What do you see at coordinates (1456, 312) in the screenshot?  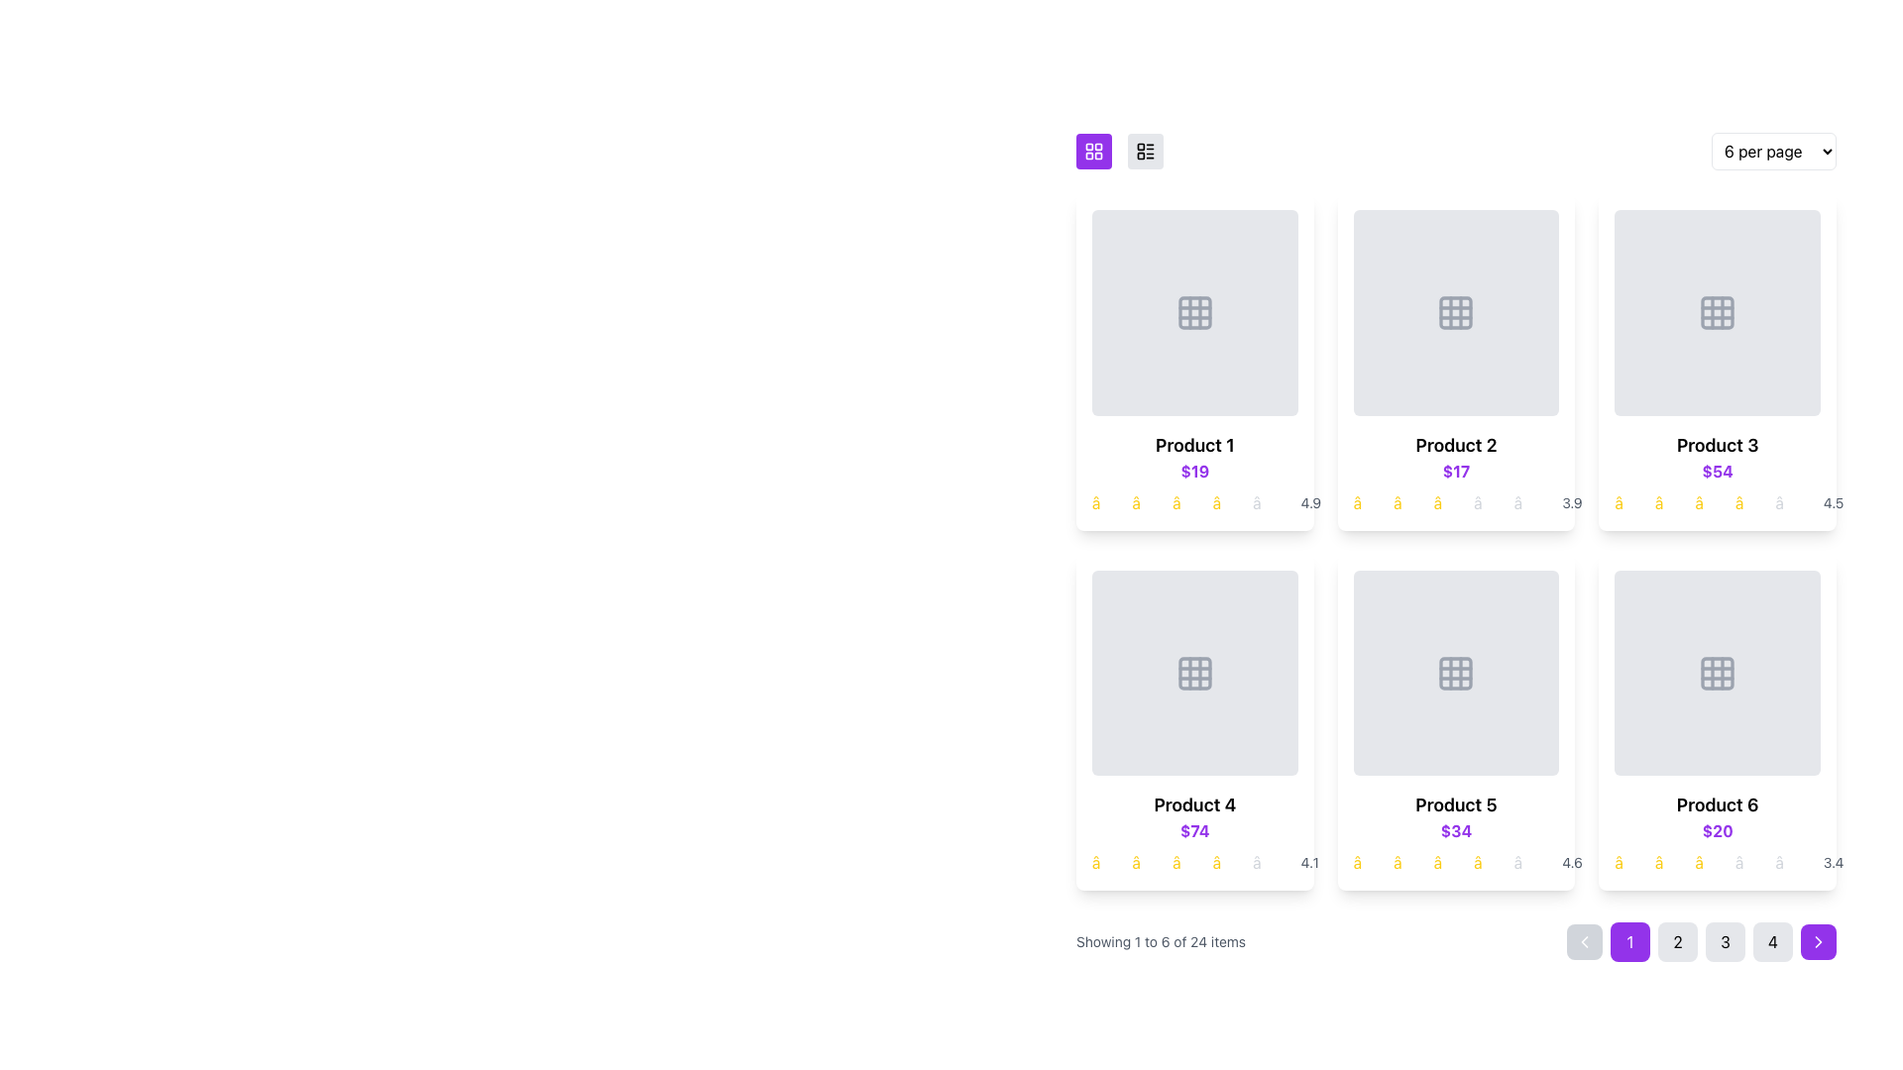 I see `the 3x3 grid icon that is gray in color and located above the 'Product 2' text within a card layout` at bounding box center [1456, 312].